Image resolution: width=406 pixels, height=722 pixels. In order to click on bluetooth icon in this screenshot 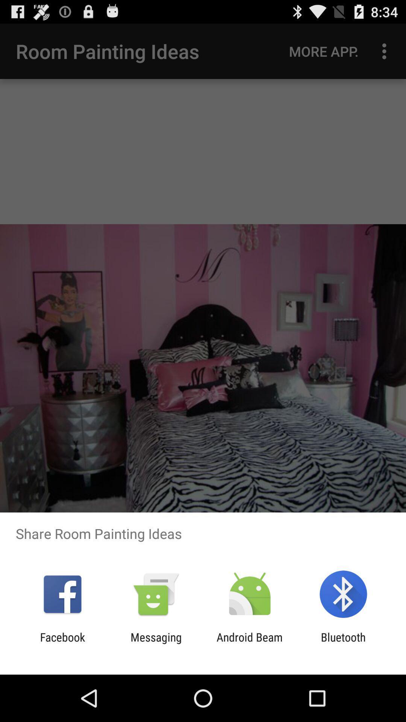, I will do `click(343, 643)`.